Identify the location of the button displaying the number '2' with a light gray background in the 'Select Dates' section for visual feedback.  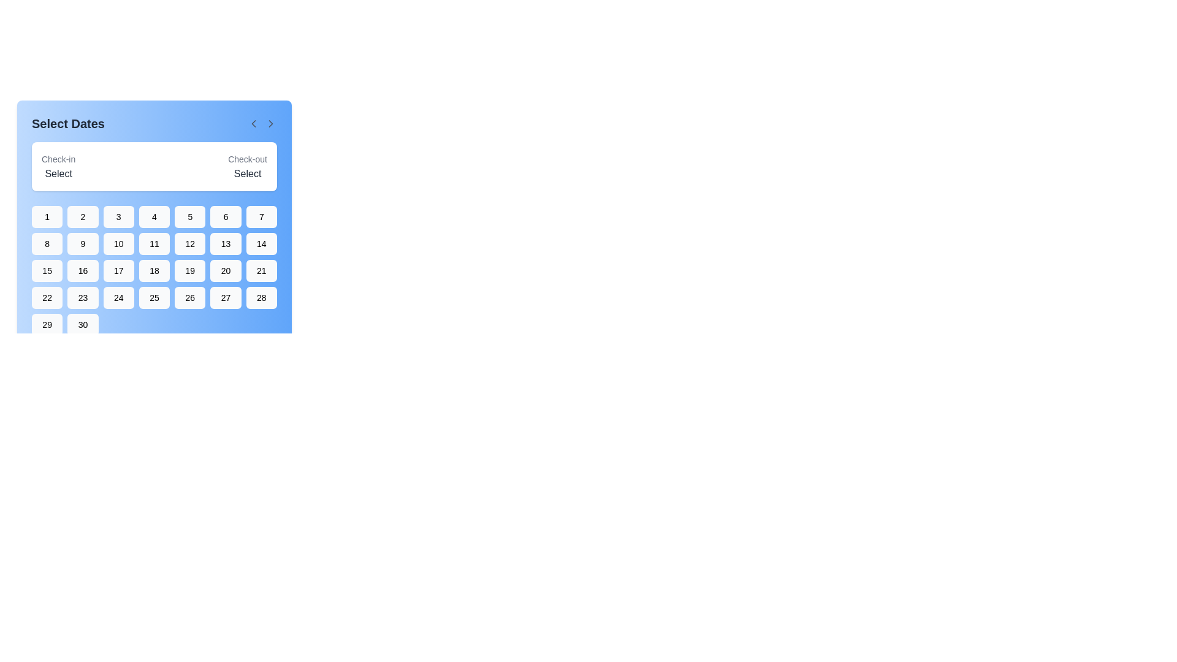
(82, 216).